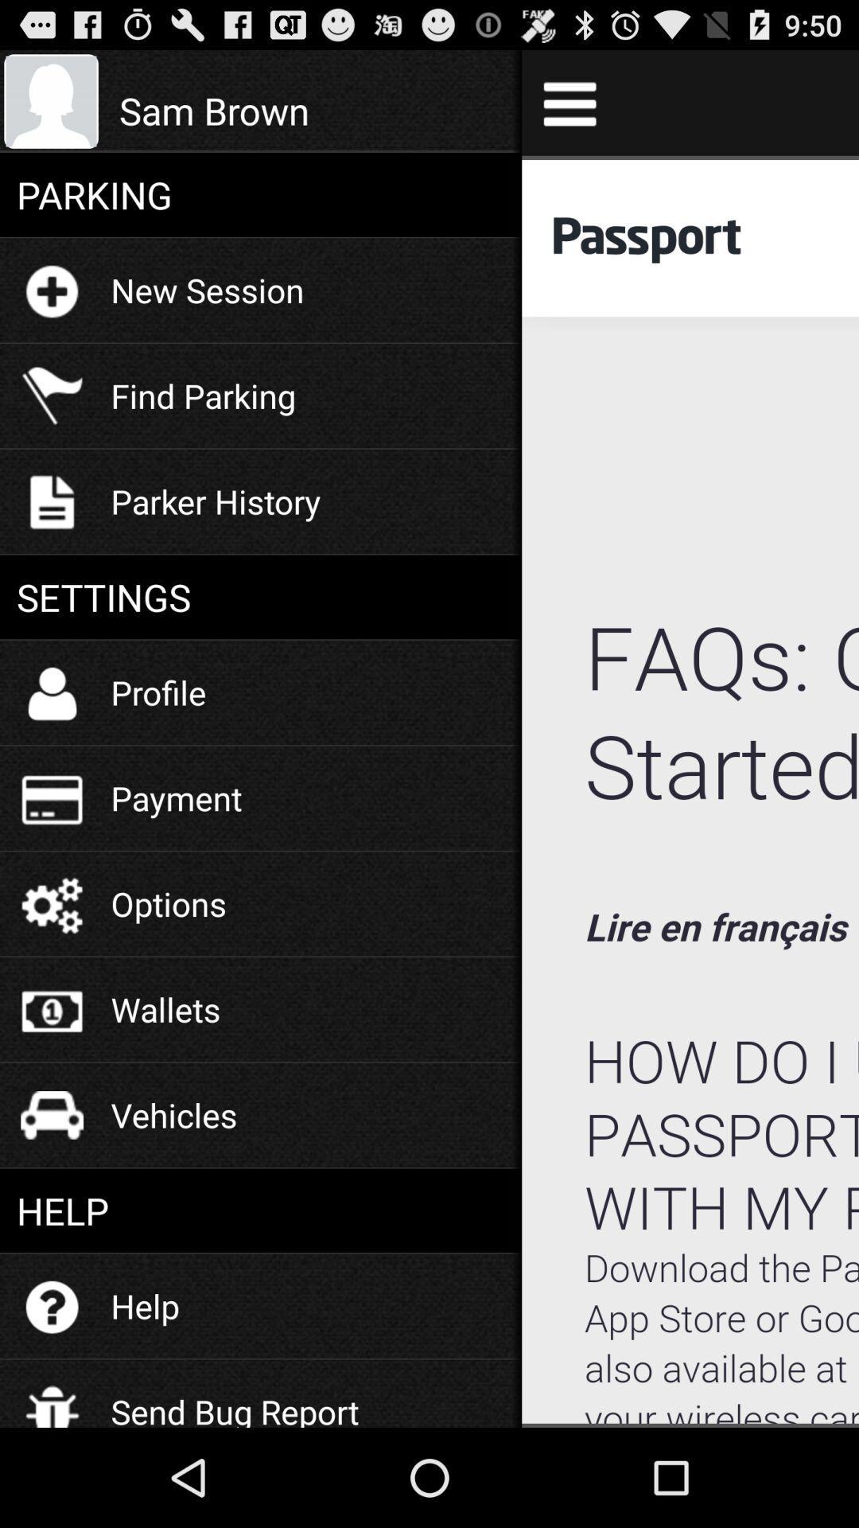  I want to click on the profile icon, so click(158, 692).